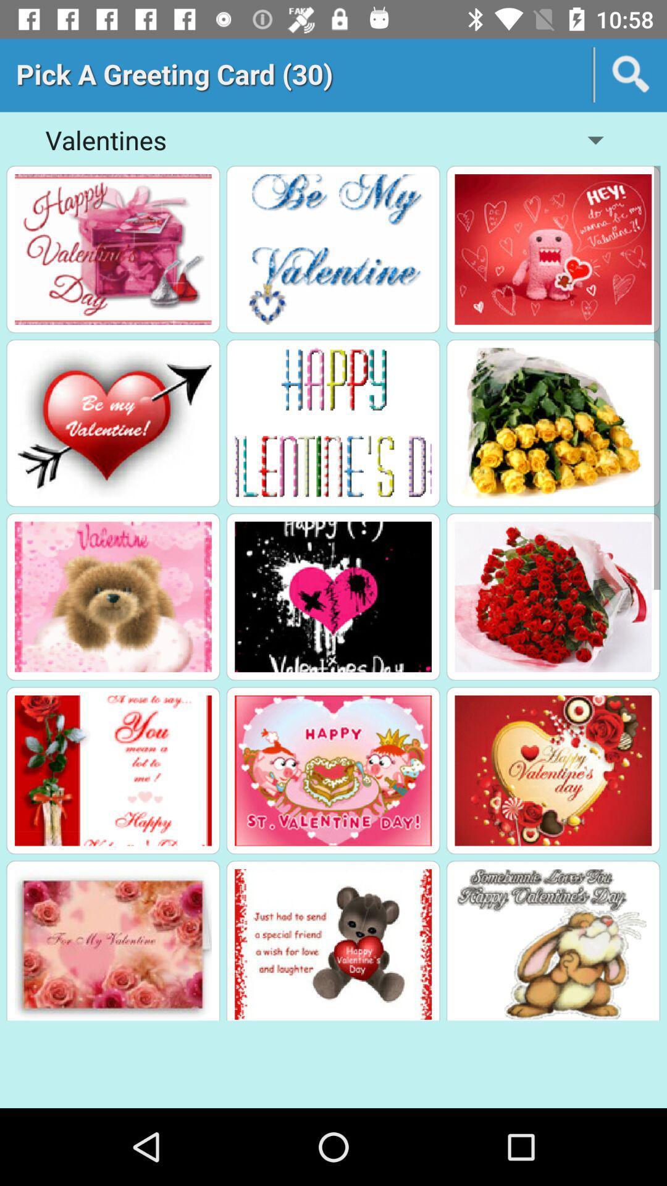 This screenshot has width=667, height=1186. Describe the element at coordinates (113, 597) in the screenshot. I see `item` at that location.